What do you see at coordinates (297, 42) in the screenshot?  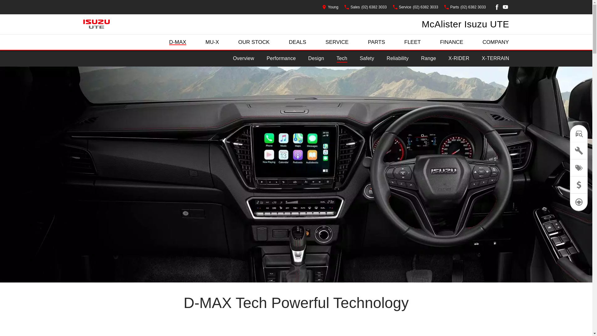 I see `'DEALS'` at bounding box center [297, 42].